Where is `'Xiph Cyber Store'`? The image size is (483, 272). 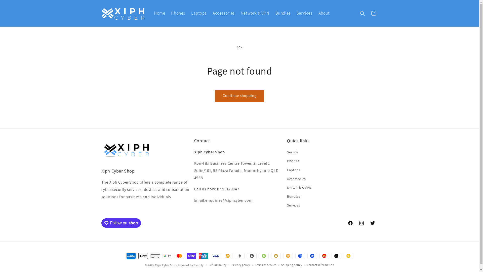
'Xiph Cyber Store' is located at coordinates (166, 265).